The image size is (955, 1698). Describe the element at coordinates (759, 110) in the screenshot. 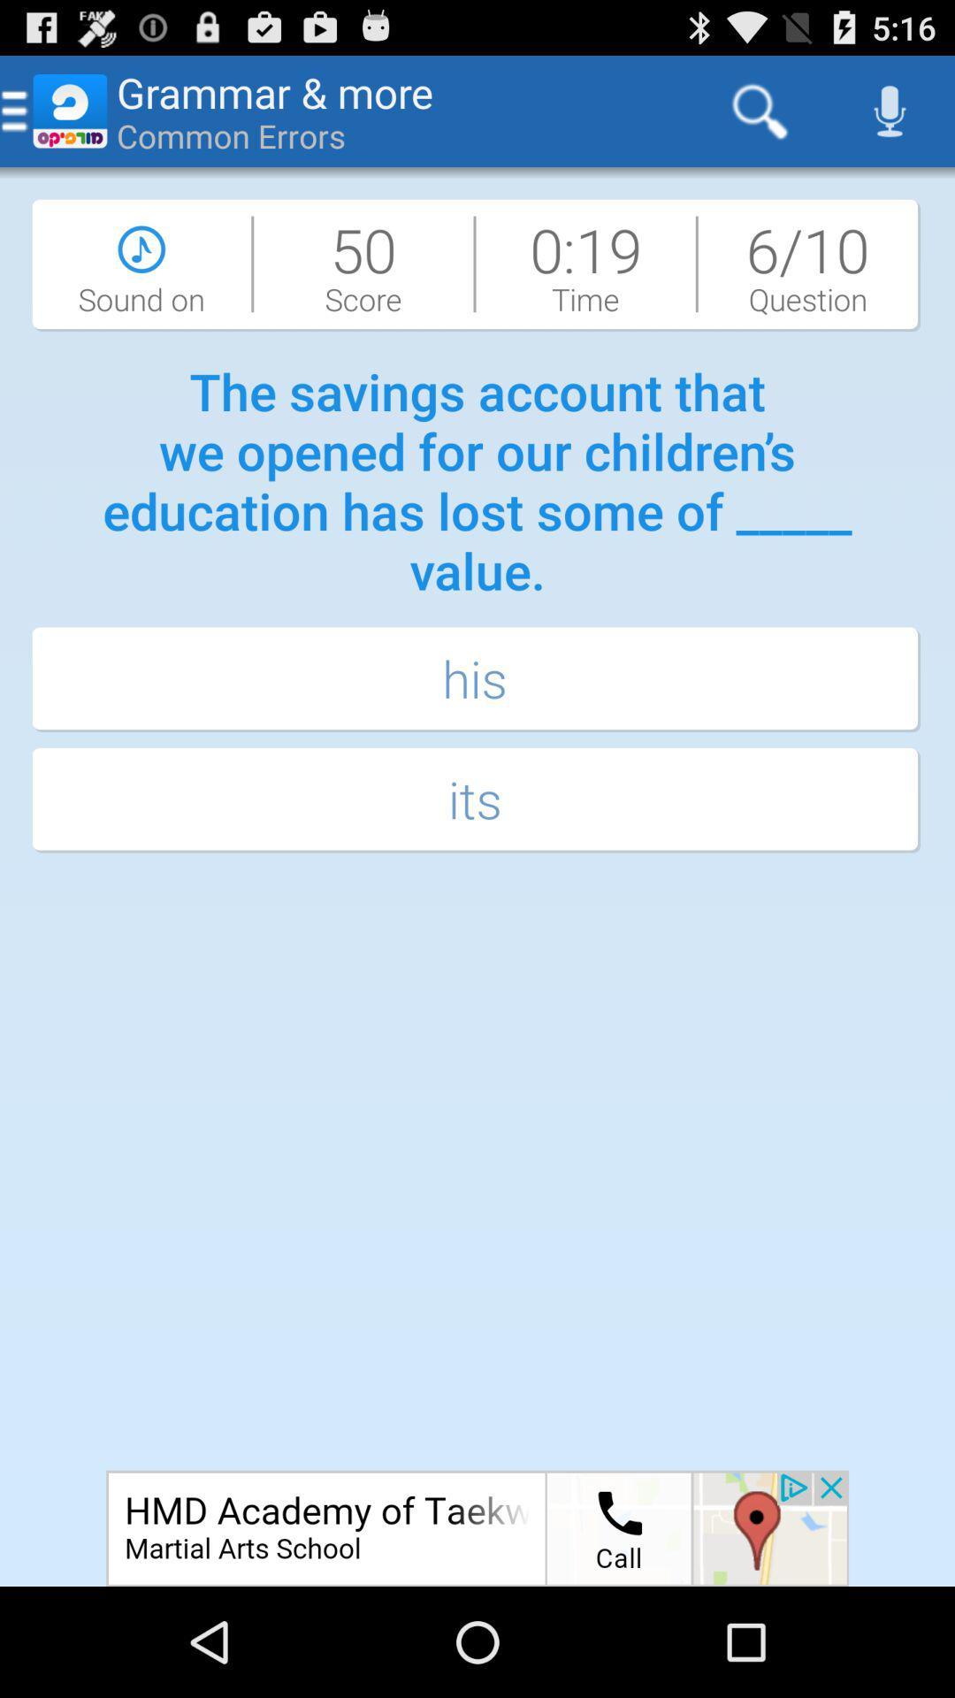

I see `app to the right of the grammar & more icon` at that location.